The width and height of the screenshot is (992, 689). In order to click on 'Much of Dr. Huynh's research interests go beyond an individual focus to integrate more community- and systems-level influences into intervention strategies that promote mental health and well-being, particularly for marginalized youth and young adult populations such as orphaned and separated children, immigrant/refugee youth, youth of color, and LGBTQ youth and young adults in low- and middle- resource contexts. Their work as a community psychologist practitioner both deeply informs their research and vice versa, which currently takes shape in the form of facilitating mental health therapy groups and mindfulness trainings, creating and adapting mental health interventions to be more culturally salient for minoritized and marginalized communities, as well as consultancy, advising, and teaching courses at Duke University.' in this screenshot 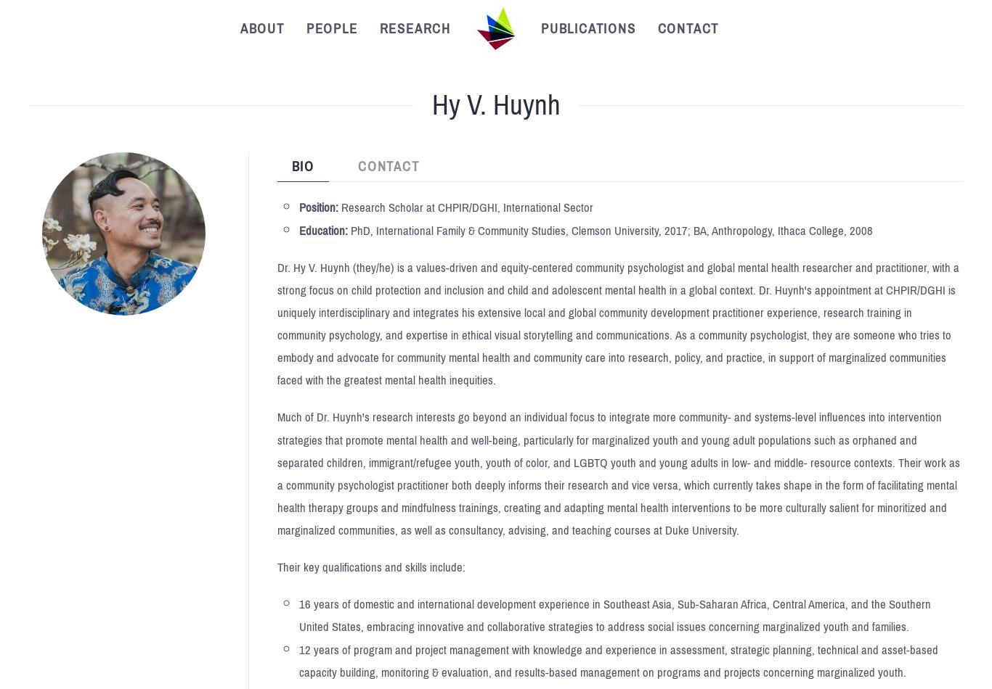, I will do `click(275, 474)`.